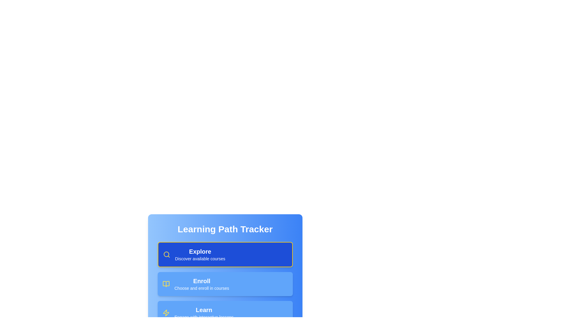  I want to click on the descriptive static text element located beneath the 'Enroll' section, which provides information about selecting and joining courses, so click(202, 288).